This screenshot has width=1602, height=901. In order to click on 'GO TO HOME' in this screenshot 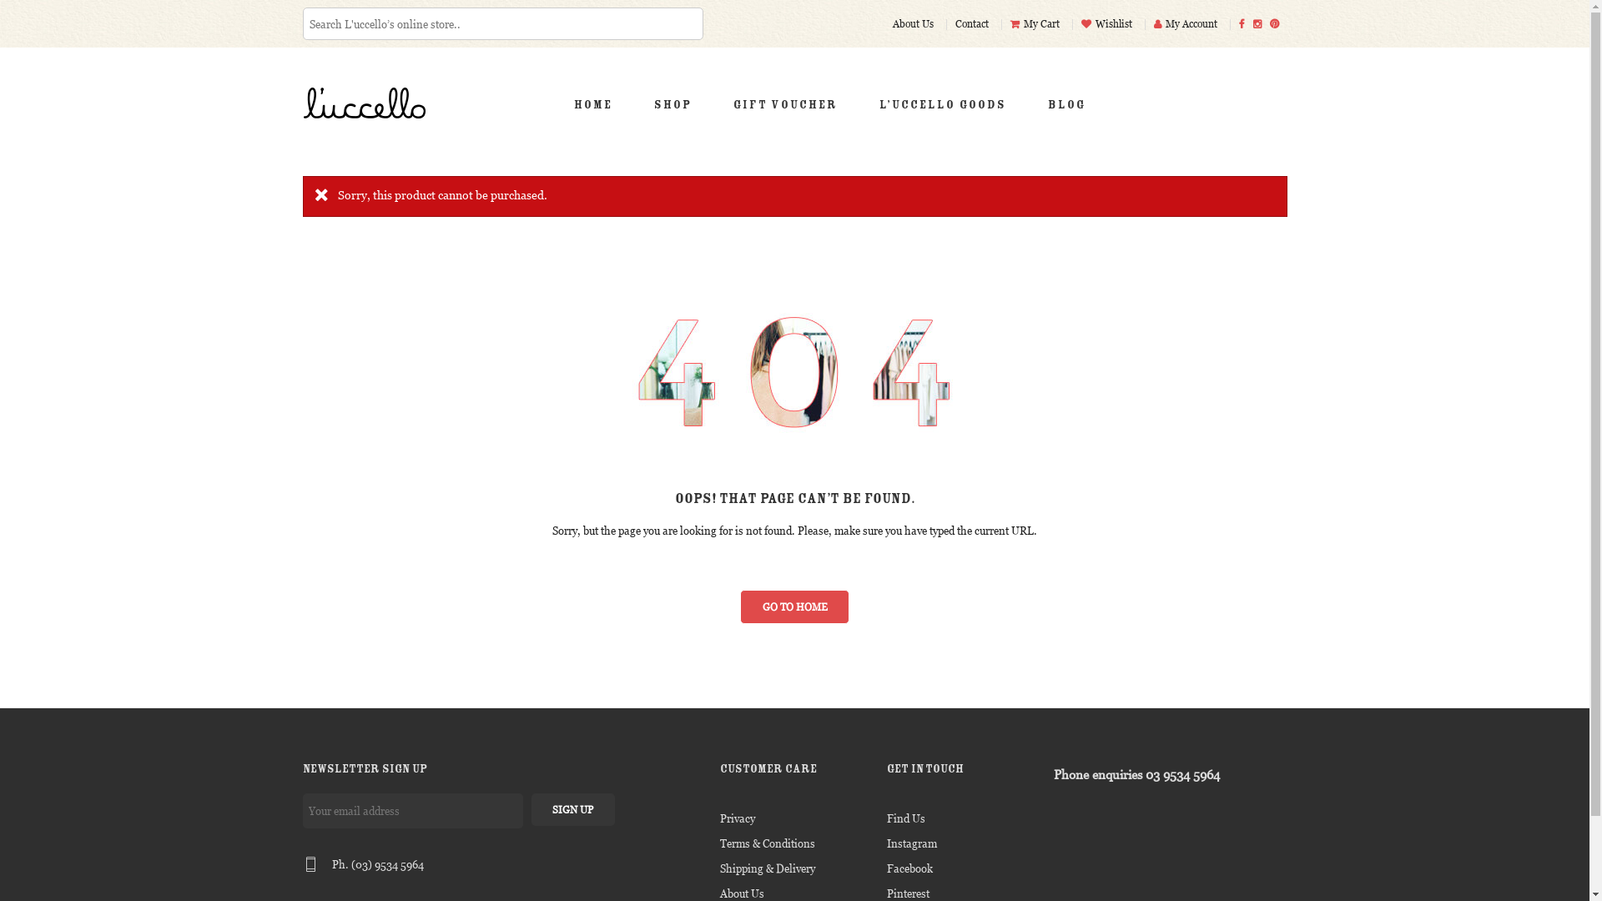, I will do `click(794, 607)`.